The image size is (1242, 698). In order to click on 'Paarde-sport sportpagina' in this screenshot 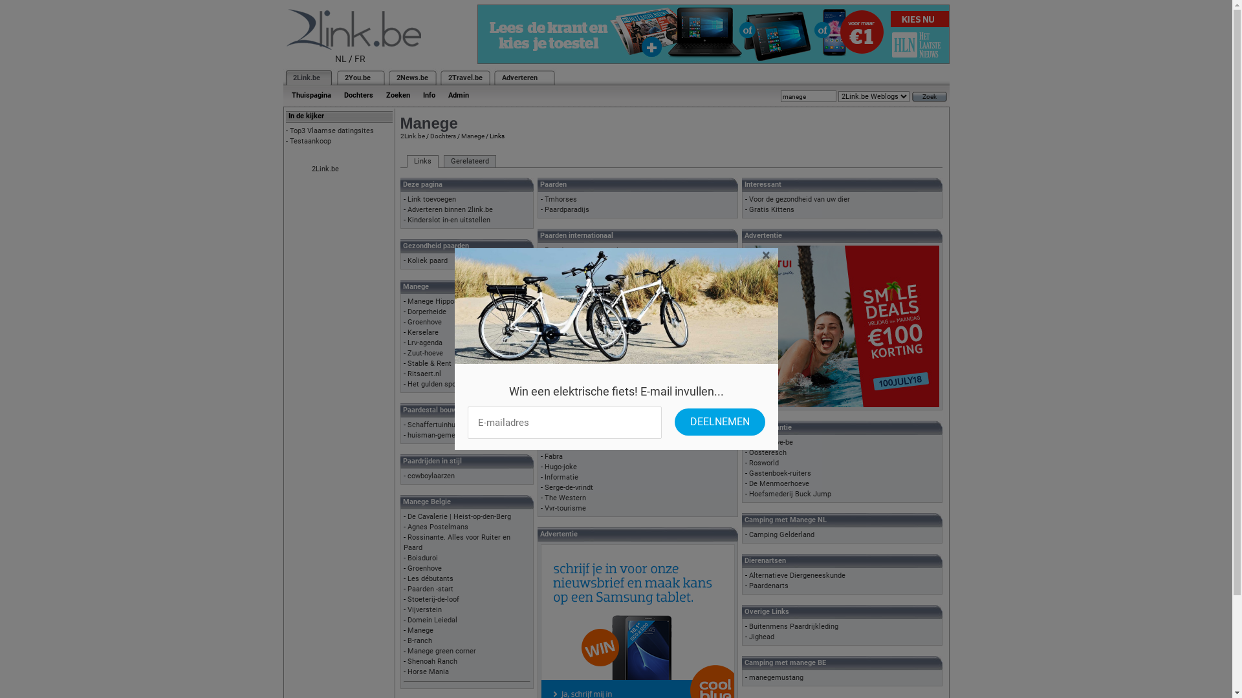, I will do `click(585, 250)`.